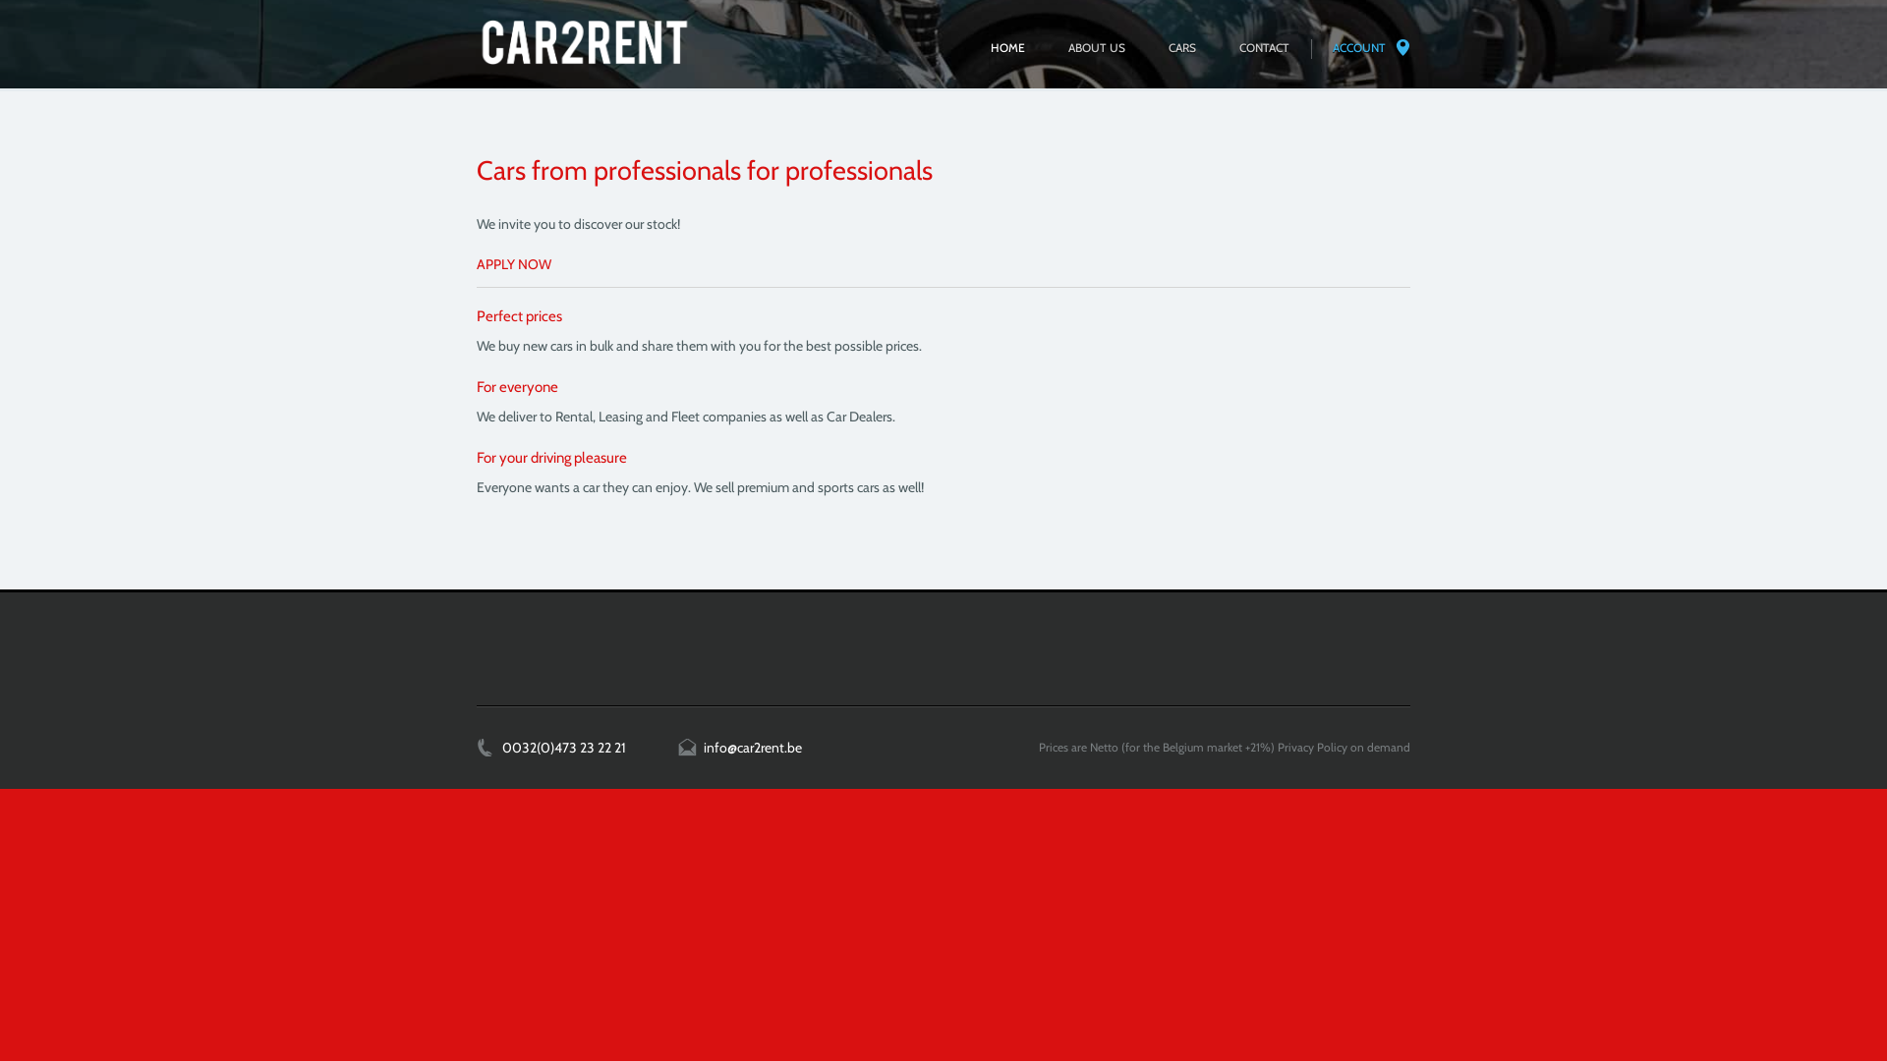  I want to click on 'HOME', so click(1007, 48).